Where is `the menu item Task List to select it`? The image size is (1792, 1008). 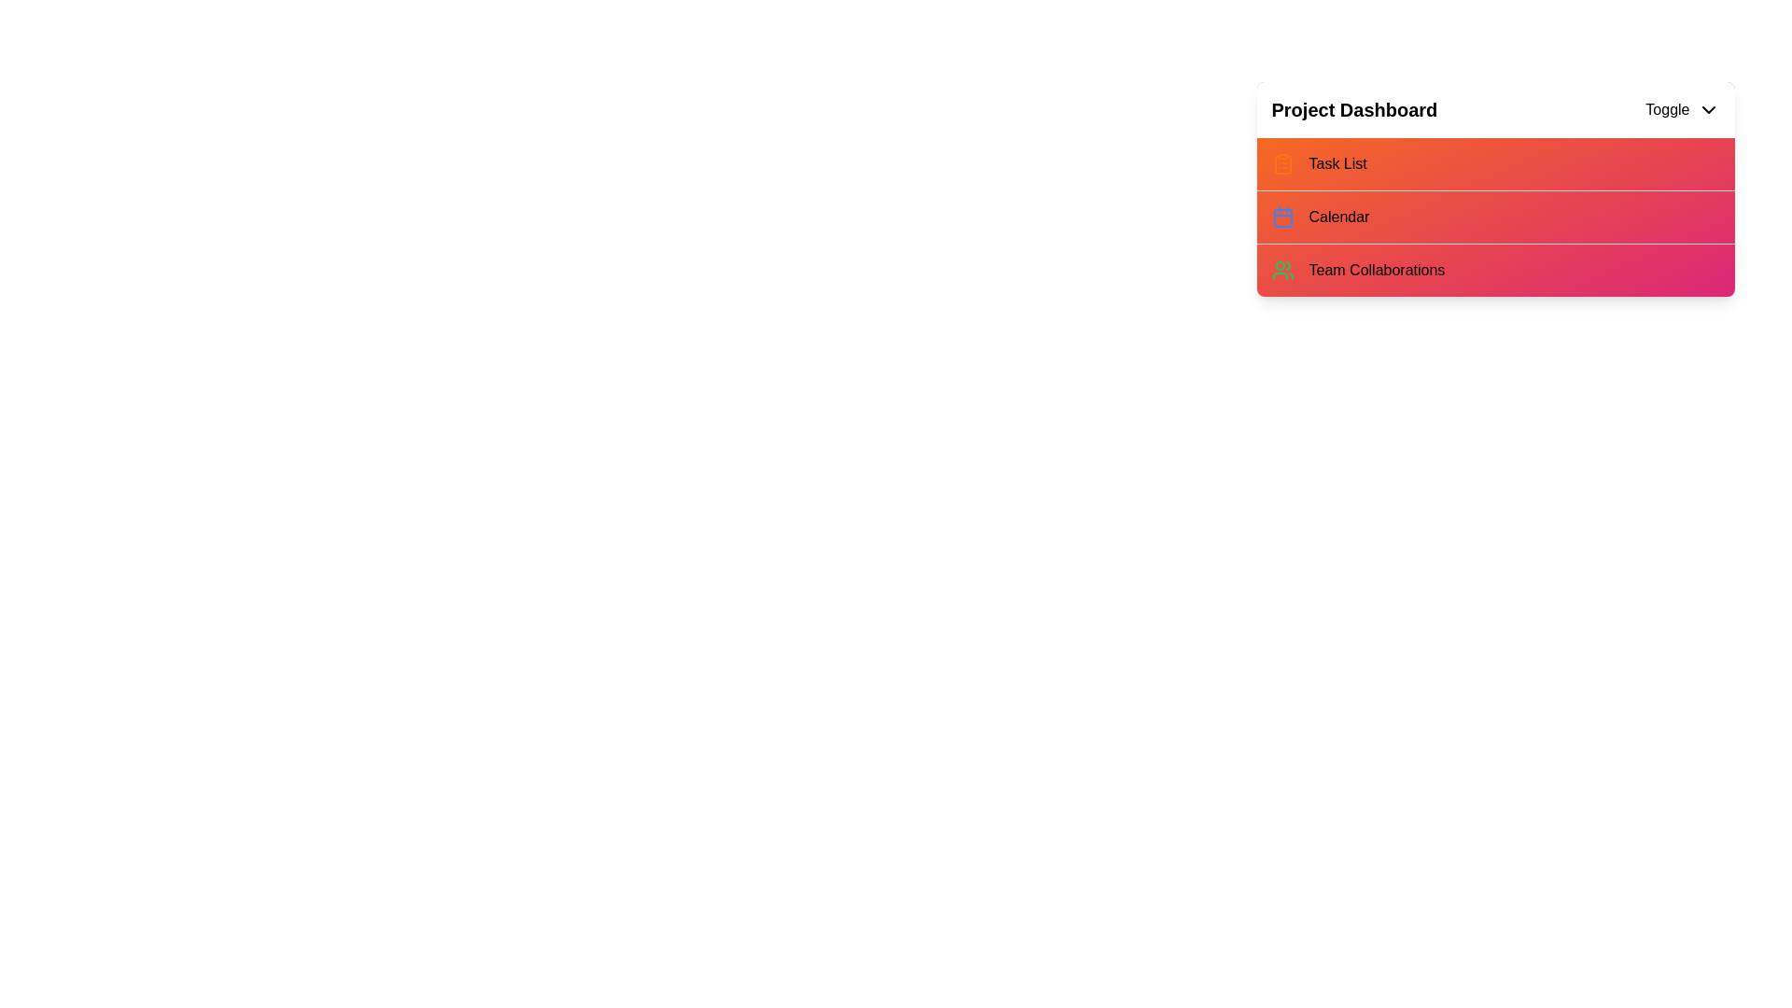 the menu item Task List to select it is located at coordinates (1495, 163).